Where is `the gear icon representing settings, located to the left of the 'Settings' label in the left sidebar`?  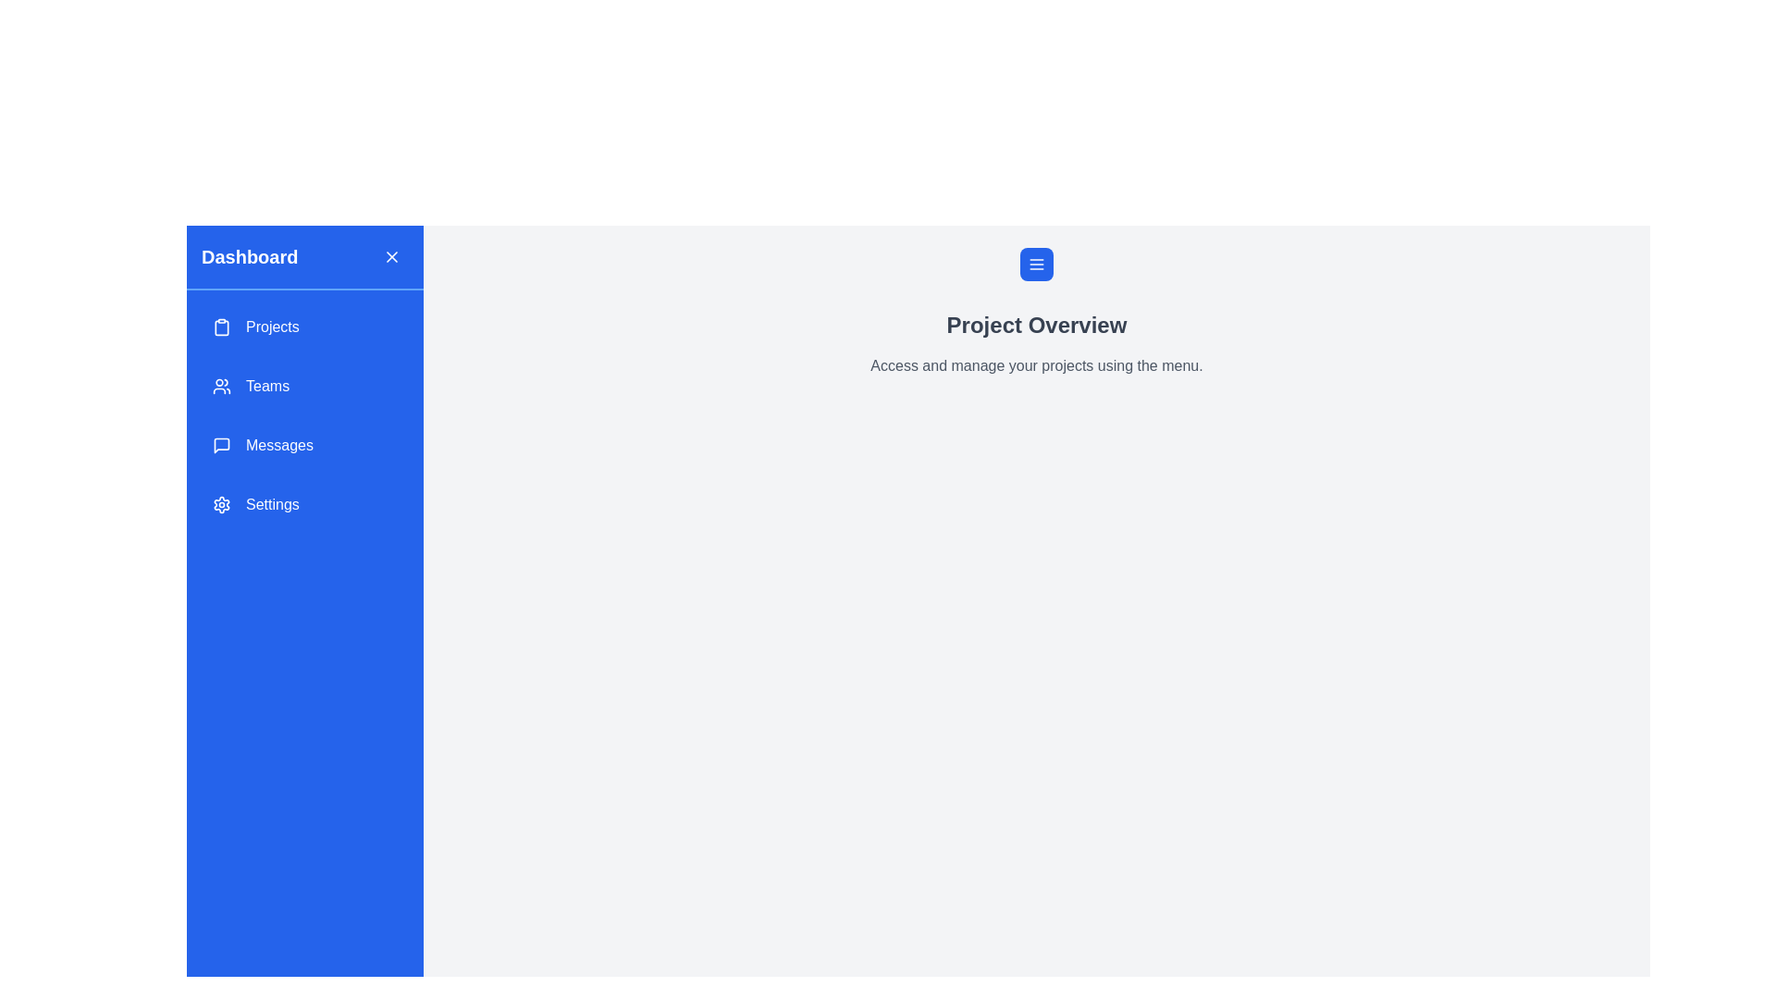 the gear icon representing settings, located to the left of the 'Settings' label in the left sidebar is located at coordinates (222, 505).